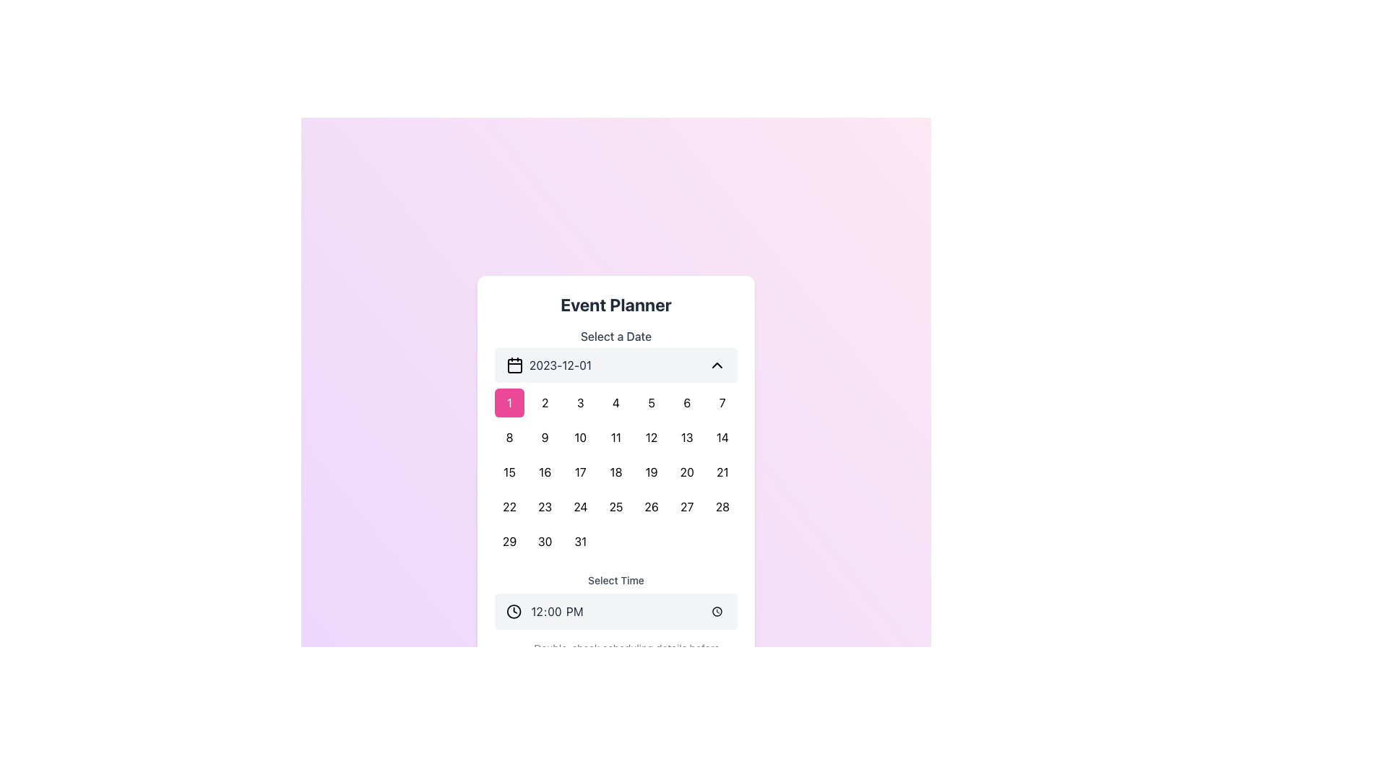  I want to click on the button displaying '31' in the calendar interface, so click(580, 541).